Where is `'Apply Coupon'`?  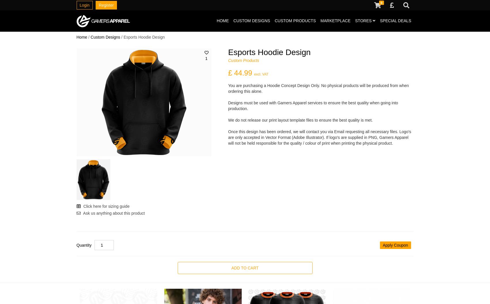
'Apply Coupon' is located at coordinates (382, 245).